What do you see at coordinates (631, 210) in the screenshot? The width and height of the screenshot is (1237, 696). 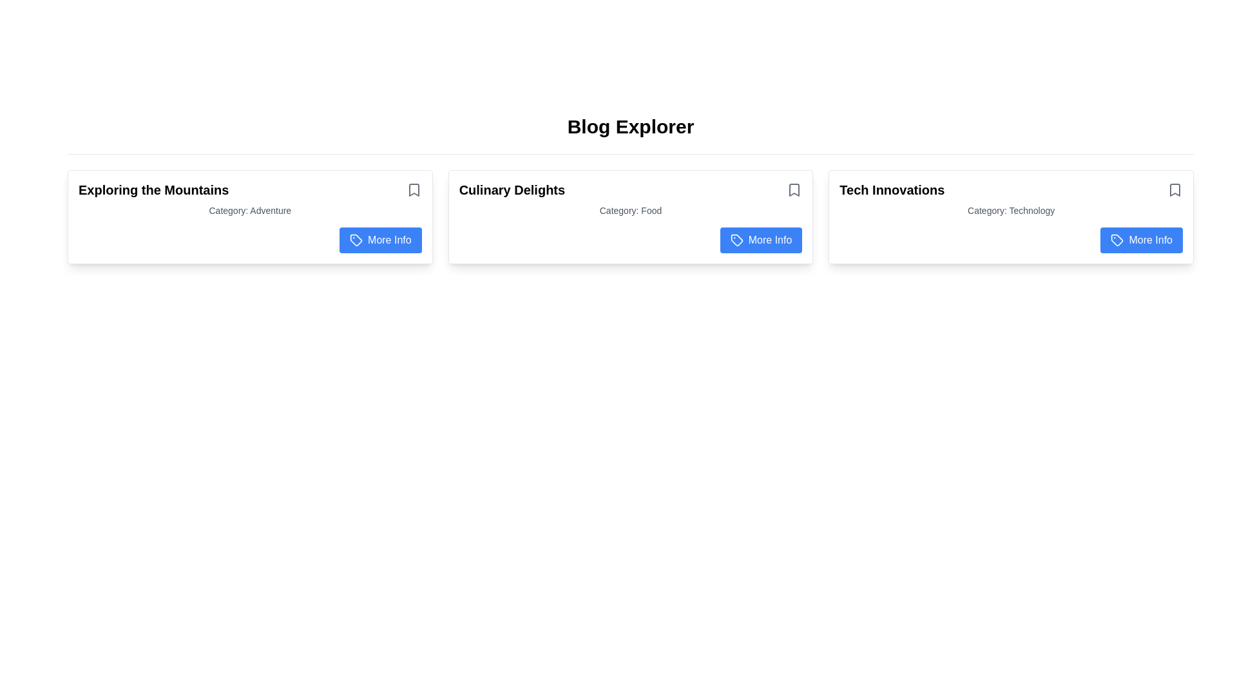 I see `the text label displaying 'Category: Food', which is in small gray font and located centrally below 'Culinary Delights' in the card layout` at bounding box center [631, 210].